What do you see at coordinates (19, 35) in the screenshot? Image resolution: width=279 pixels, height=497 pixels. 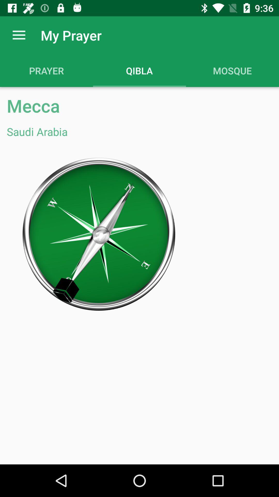 I see `the icon above the prayer item` at bounding box center [19, 35].